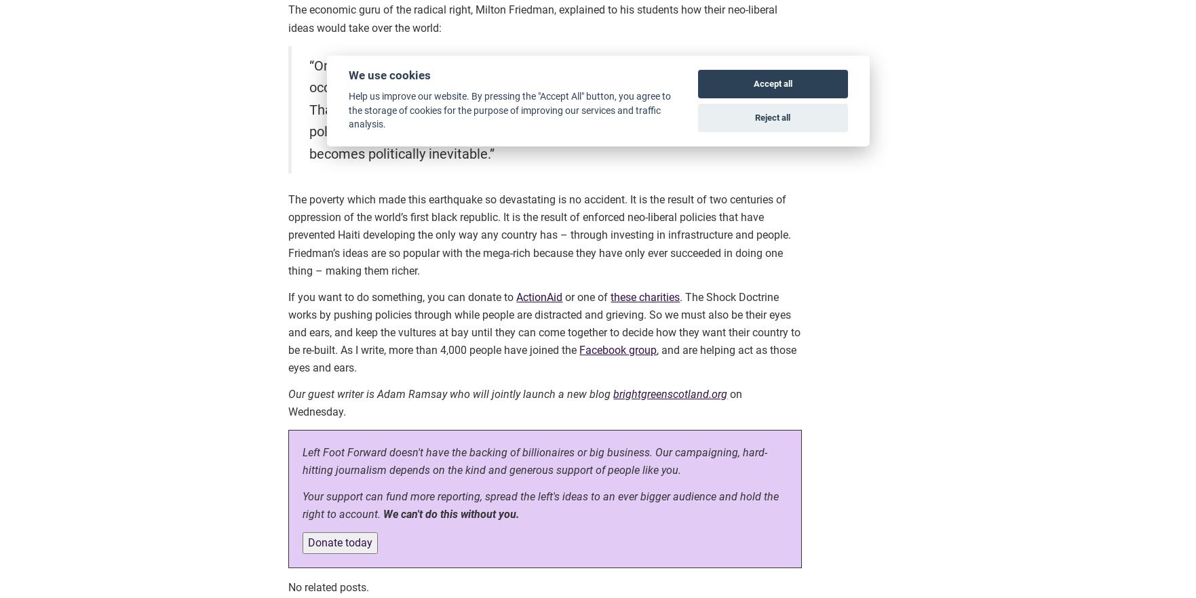 This screenshot has height=598, width=1196. Describe the element at coordinates (340, 542) in the screenshot. I see `'Donate today'` at that location.